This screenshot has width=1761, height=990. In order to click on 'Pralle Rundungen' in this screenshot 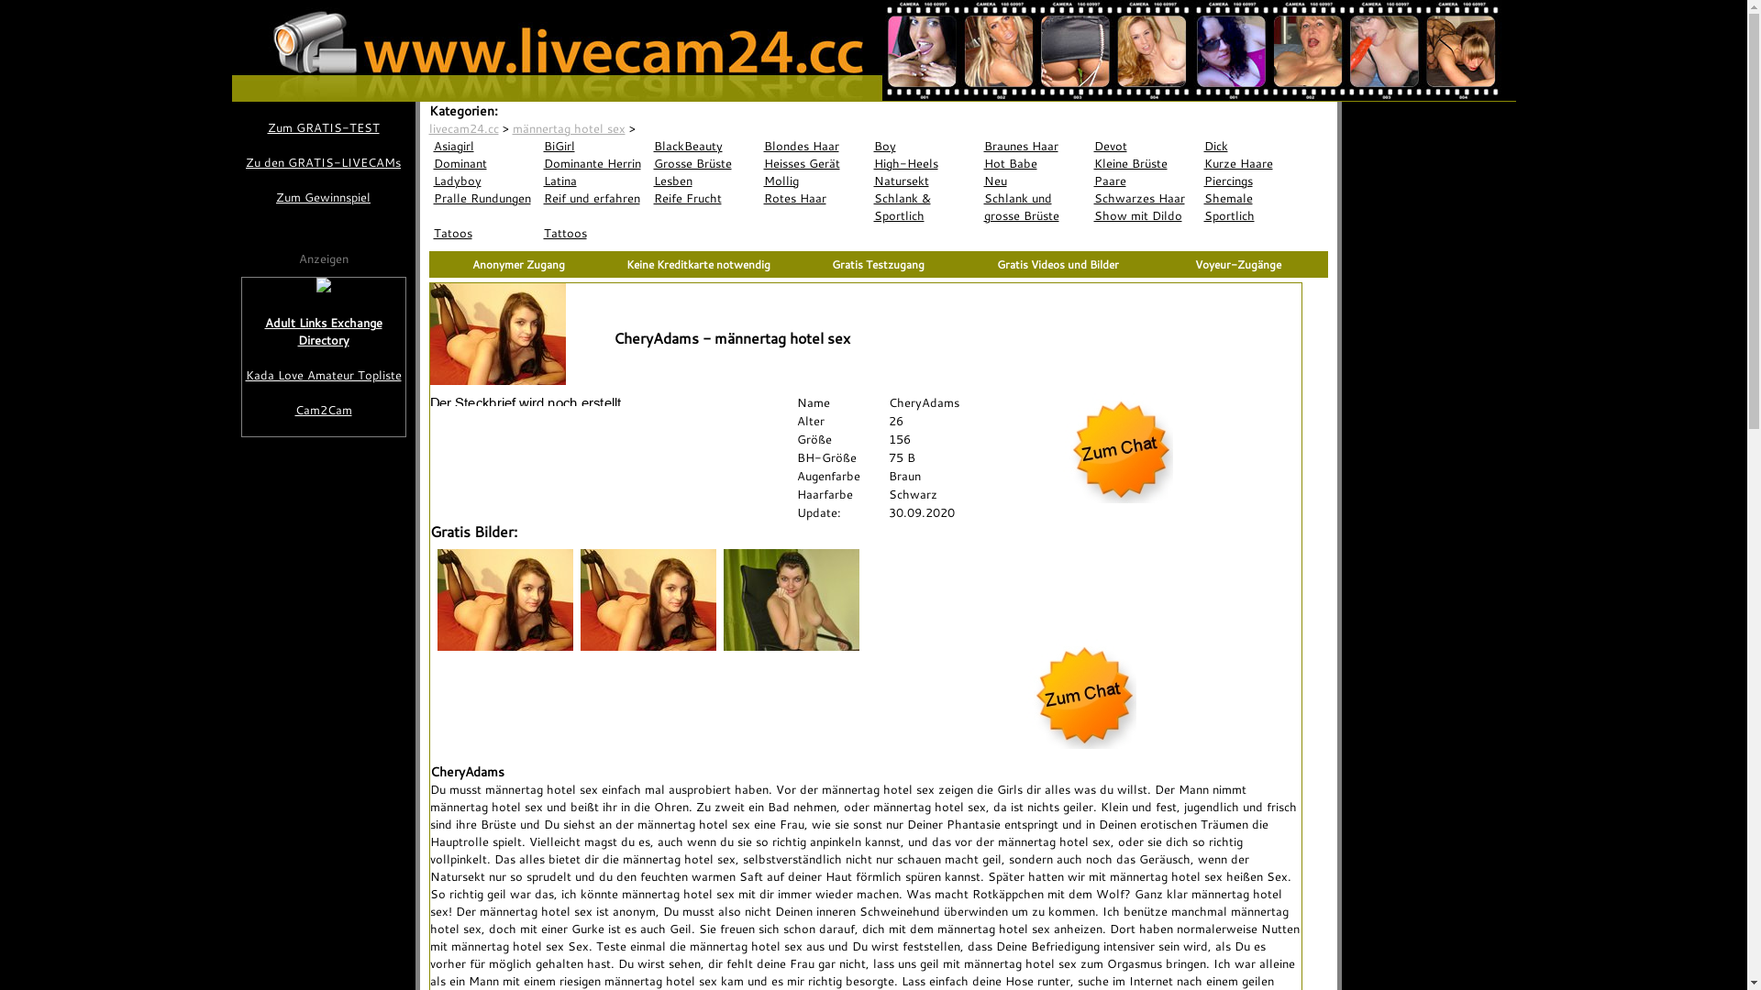, I will do `click(427, 198)`.